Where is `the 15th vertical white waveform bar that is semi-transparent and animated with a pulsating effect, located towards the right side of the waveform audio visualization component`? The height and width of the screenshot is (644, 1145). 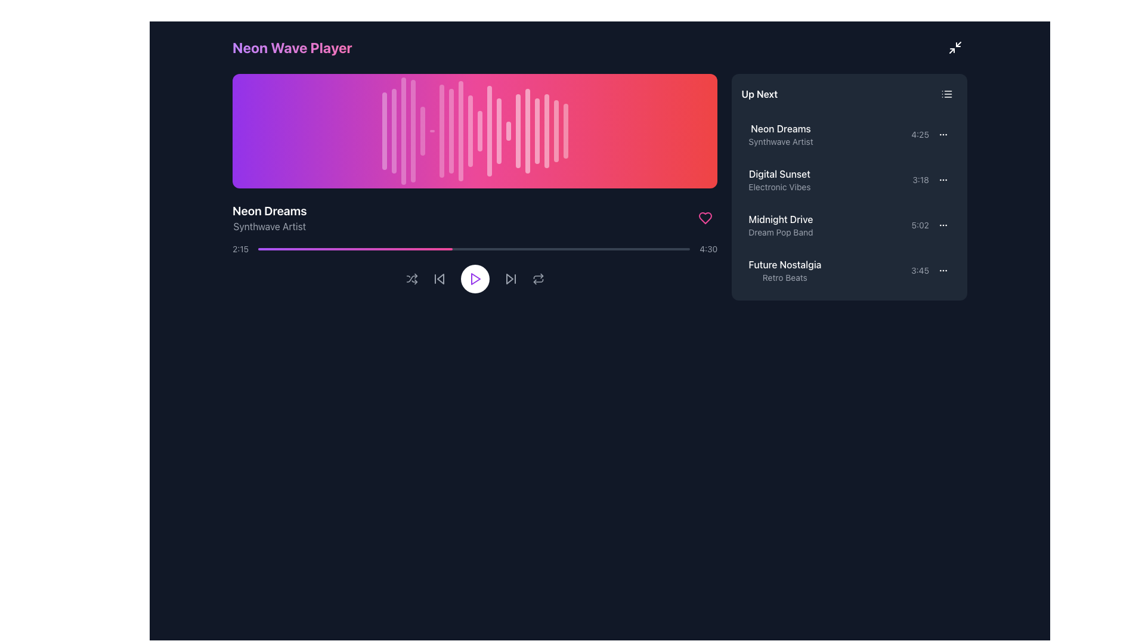
the 15th vertical white waveform bar that is semi-transparent and animated with a pulsating effect, located towards the right side of the waveform audio visualization component is located at coordinates (518, 131).